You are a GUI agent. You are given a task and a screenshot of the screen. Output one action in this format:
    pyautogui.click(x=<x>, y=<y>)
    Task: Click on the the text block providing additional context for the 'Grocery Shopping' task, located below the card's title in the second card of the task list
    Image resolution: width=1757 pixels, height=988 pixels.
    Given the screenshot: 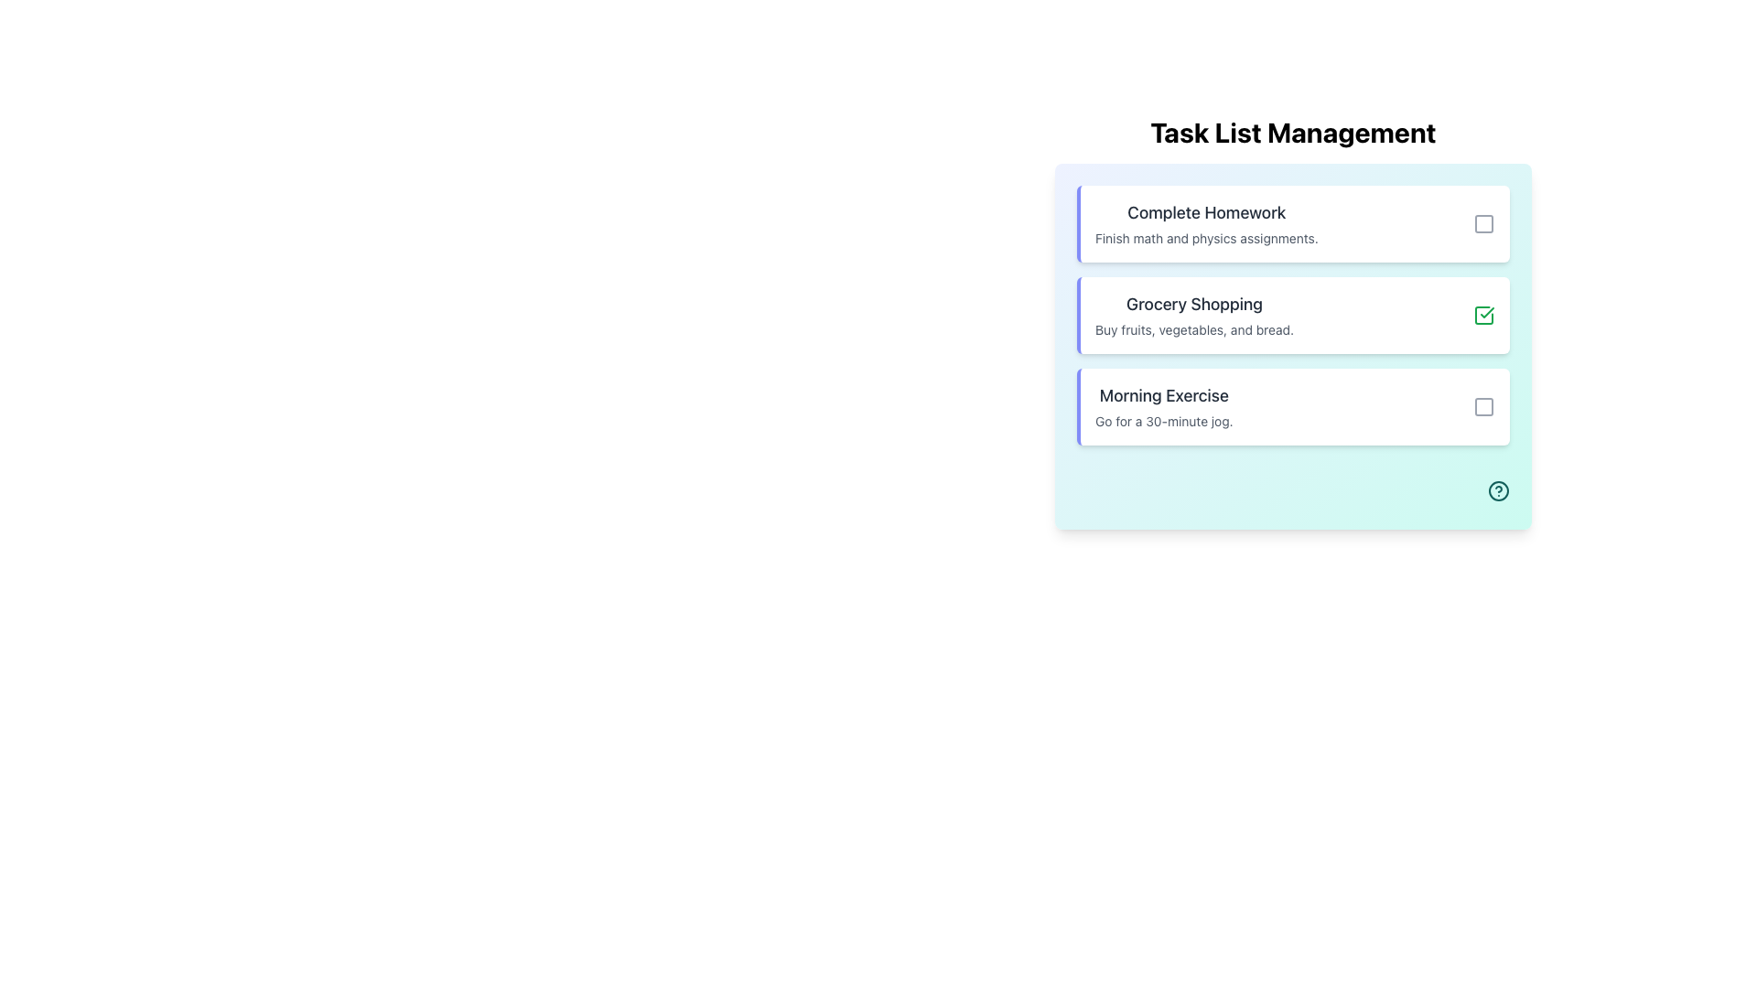 What is the action you would take?
    pyautogui.click(x=1194, y=330)
    